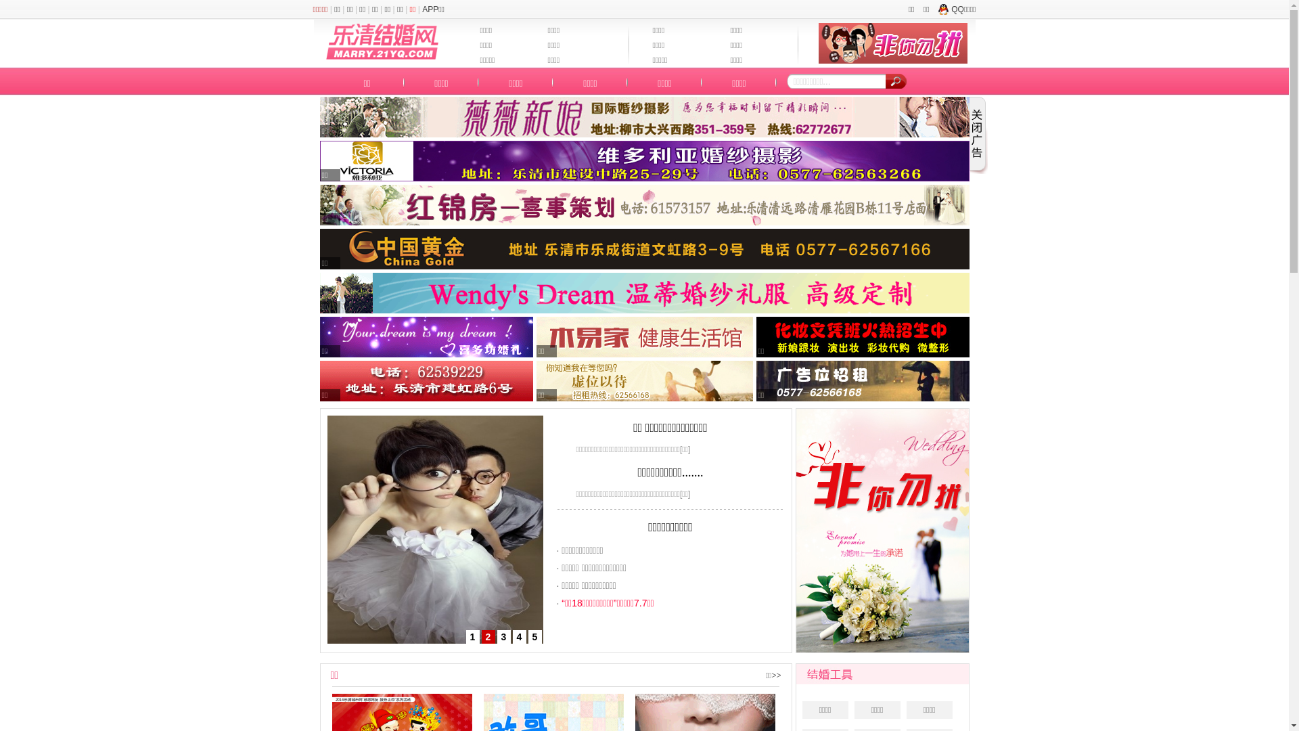 The width and height of the screenshot is (1299, 731). Describe the element at coordinates (496, 637) in the screenshot. I see `'3'` at that location.